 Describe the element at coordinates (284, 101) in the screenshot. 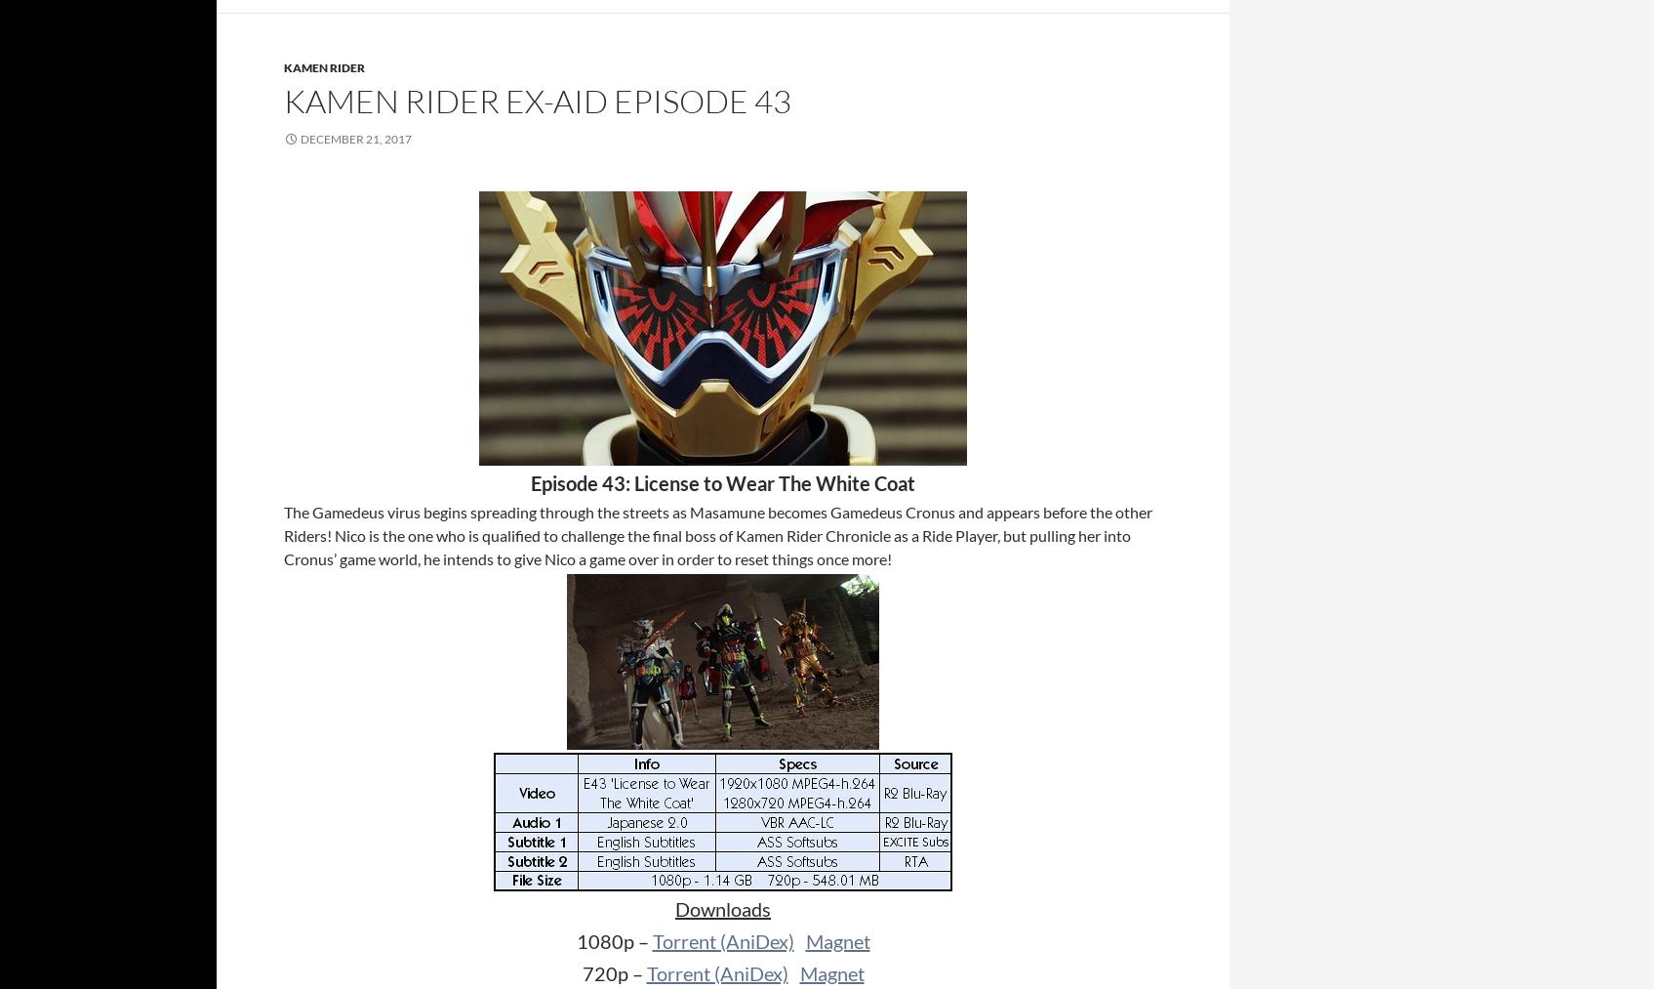

I see `'Kamen Rider Ex-Aid Episode 43'` at that location.